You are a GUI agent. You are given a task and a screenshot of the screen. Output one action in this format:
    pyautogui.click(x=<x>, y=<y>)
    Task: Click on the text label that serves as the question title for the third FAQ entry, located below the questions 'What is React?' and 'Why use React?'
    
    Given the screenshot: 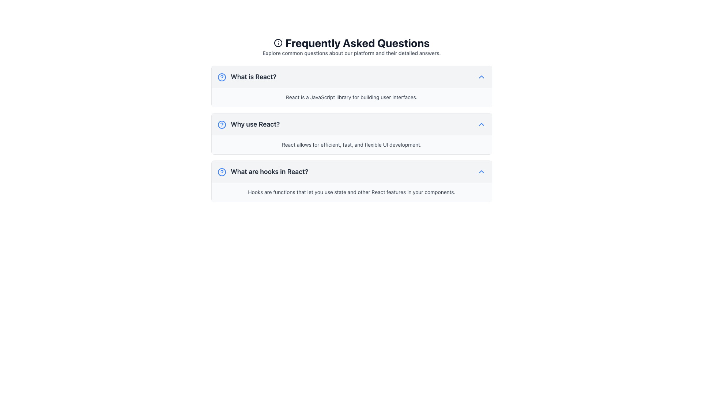 What is the action you would take?
    pyautogui.click(x=263, y=171)
    